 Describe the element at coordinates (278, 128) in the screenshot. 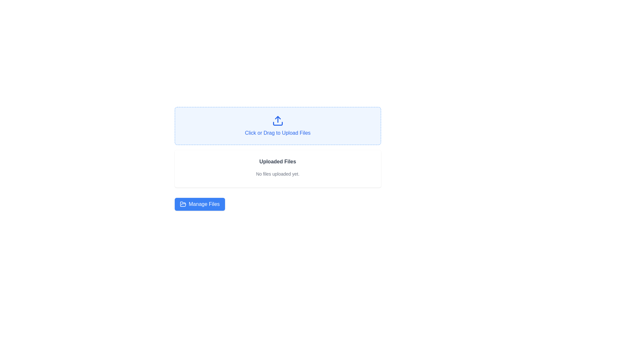

I see `and drop files onto the centrally positioned clickable text component for uploading, which is located within a bordered area in the upper-middle part of the interface` at that location.